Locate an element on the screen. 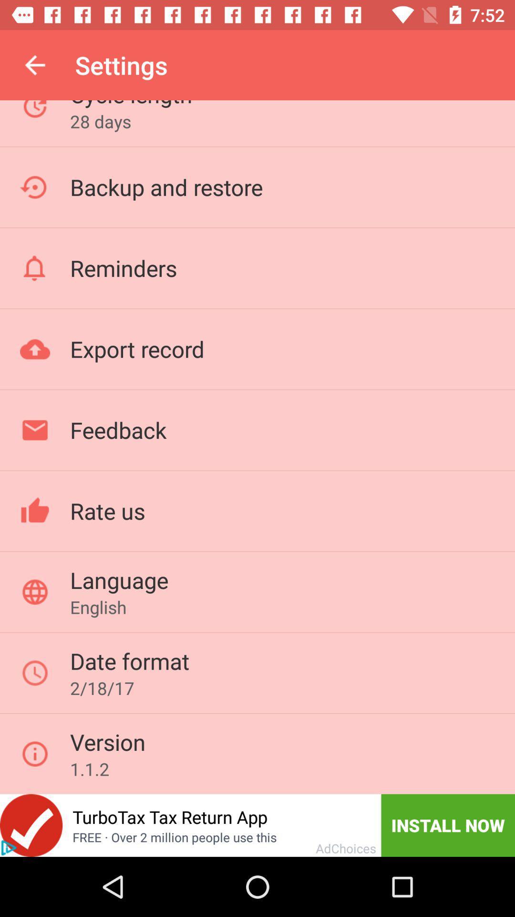 The image size is (515, 917). the check icon is located at coordinates (31, 825).